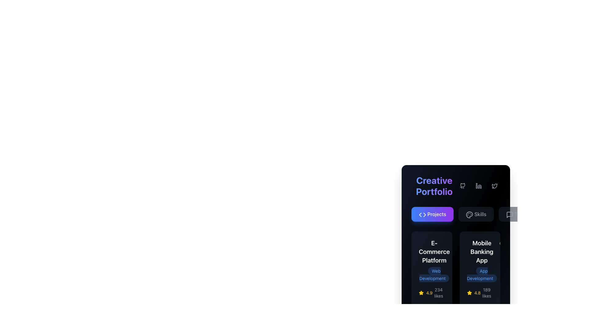 Image resolution: width=590 pixels, height=332 pixels. Describe the element at coordinates (421, 292) in the screenshot. I see `the star icon that indicates the rating for the E-Commerce Platform, located at the bottom-left region of the card` at that location.